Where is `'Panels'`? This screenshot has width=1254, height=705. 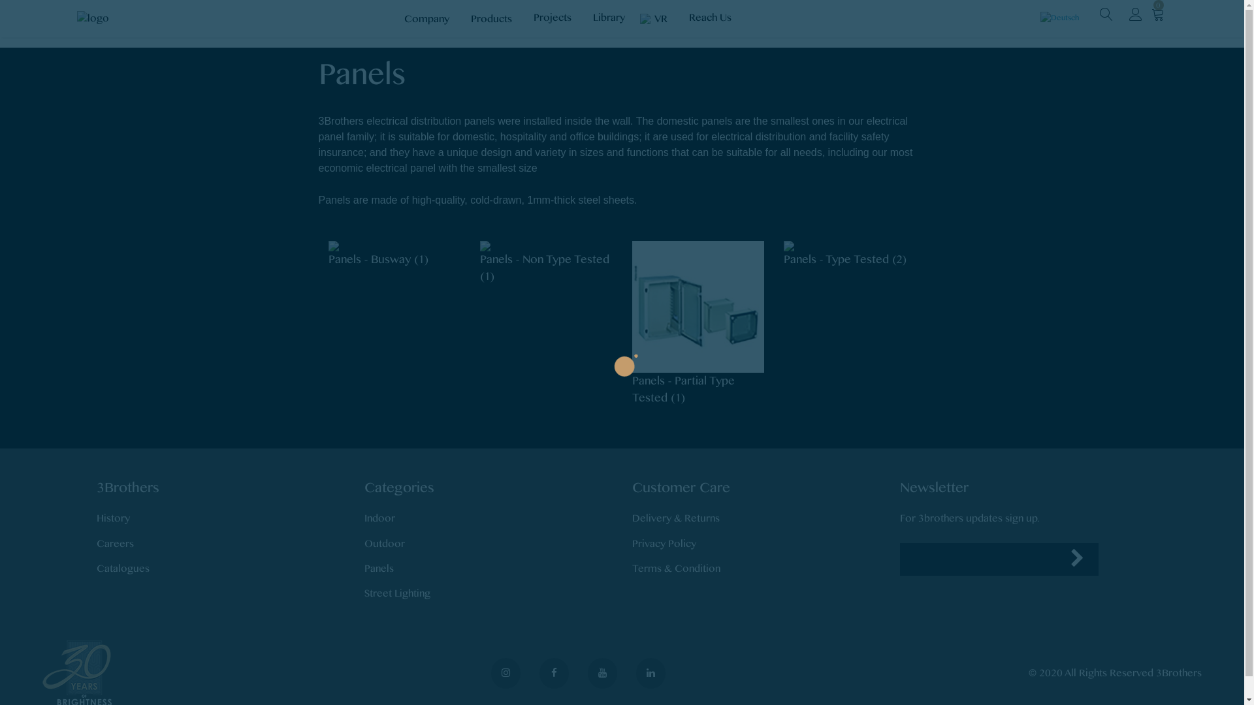
'Panels' is located at coordinates (378, 568).